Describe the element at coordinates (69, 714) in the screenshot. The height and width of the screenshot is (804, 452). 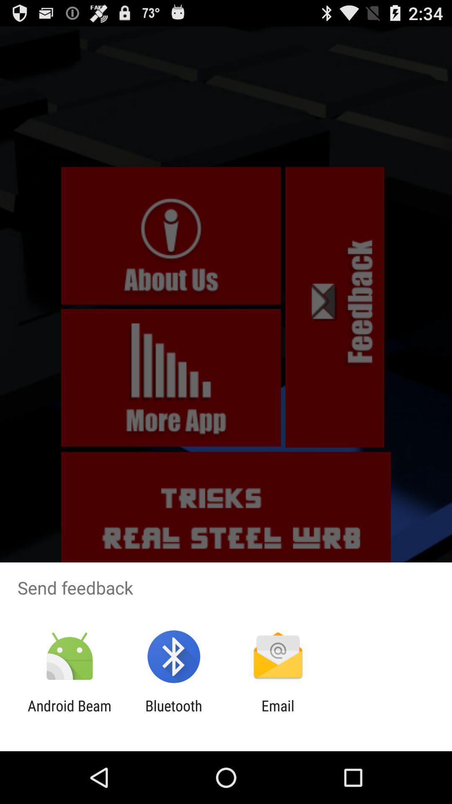
I see `item to the left of the bluetooth app` at that location.